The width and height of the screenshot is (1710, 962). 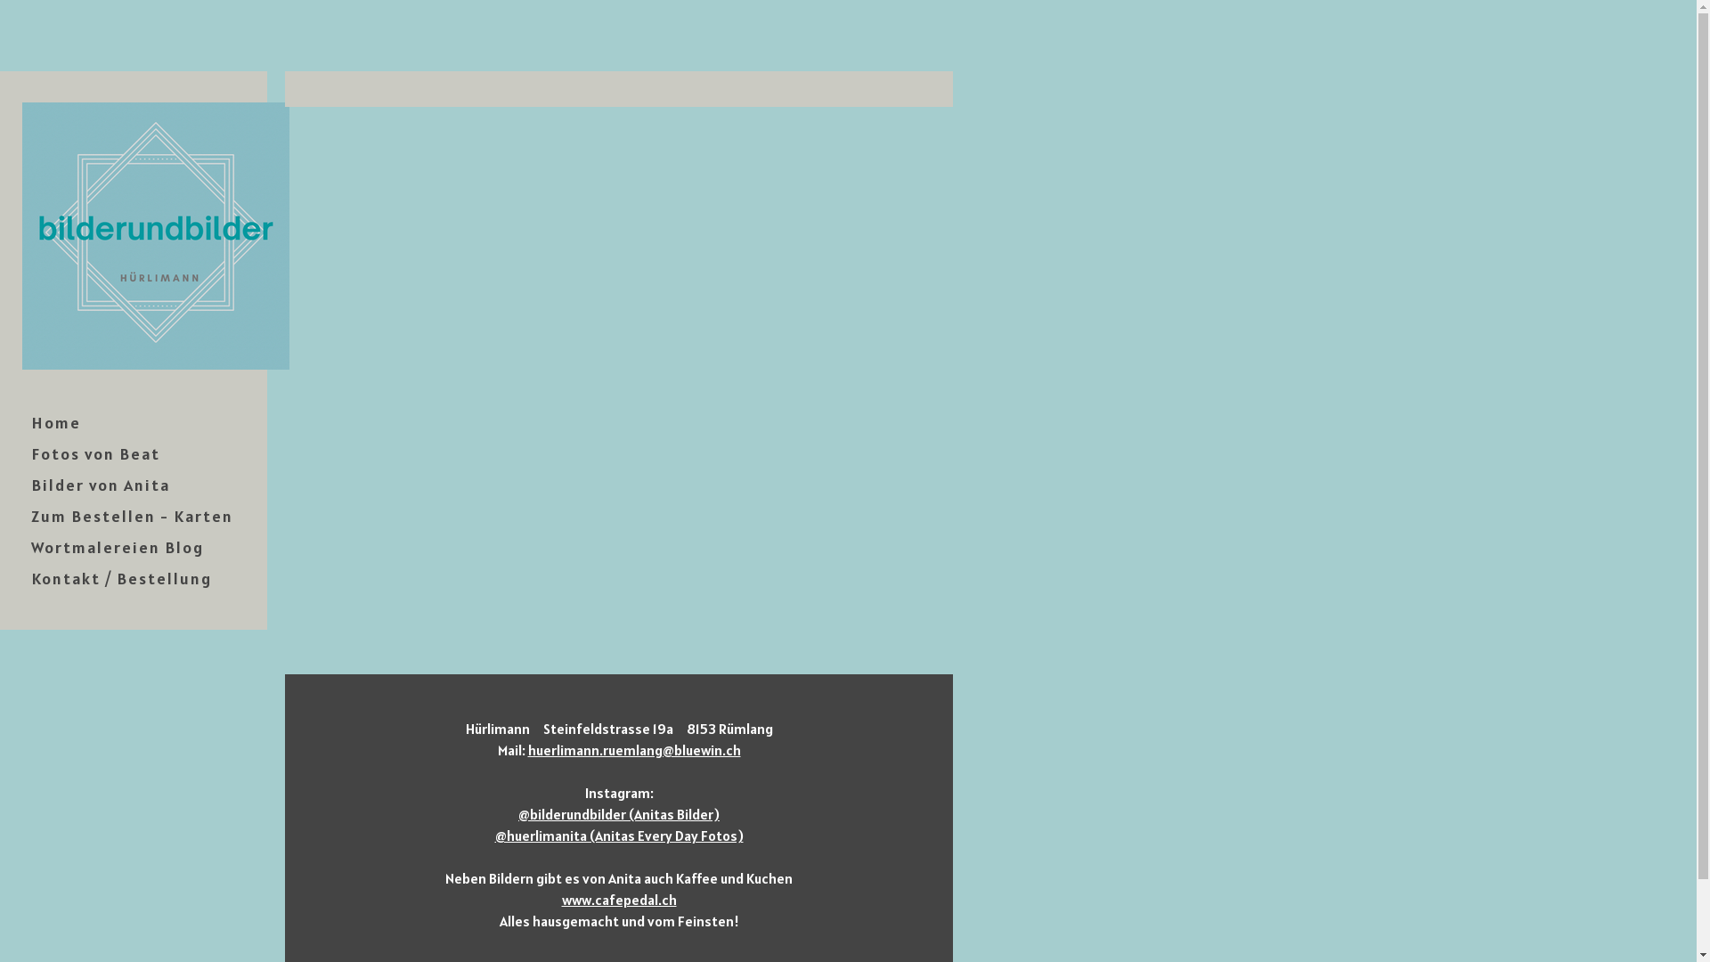 I want to click on 'huerlimann.ruemlang@bluewin.ch', so click(x=633, y=749).